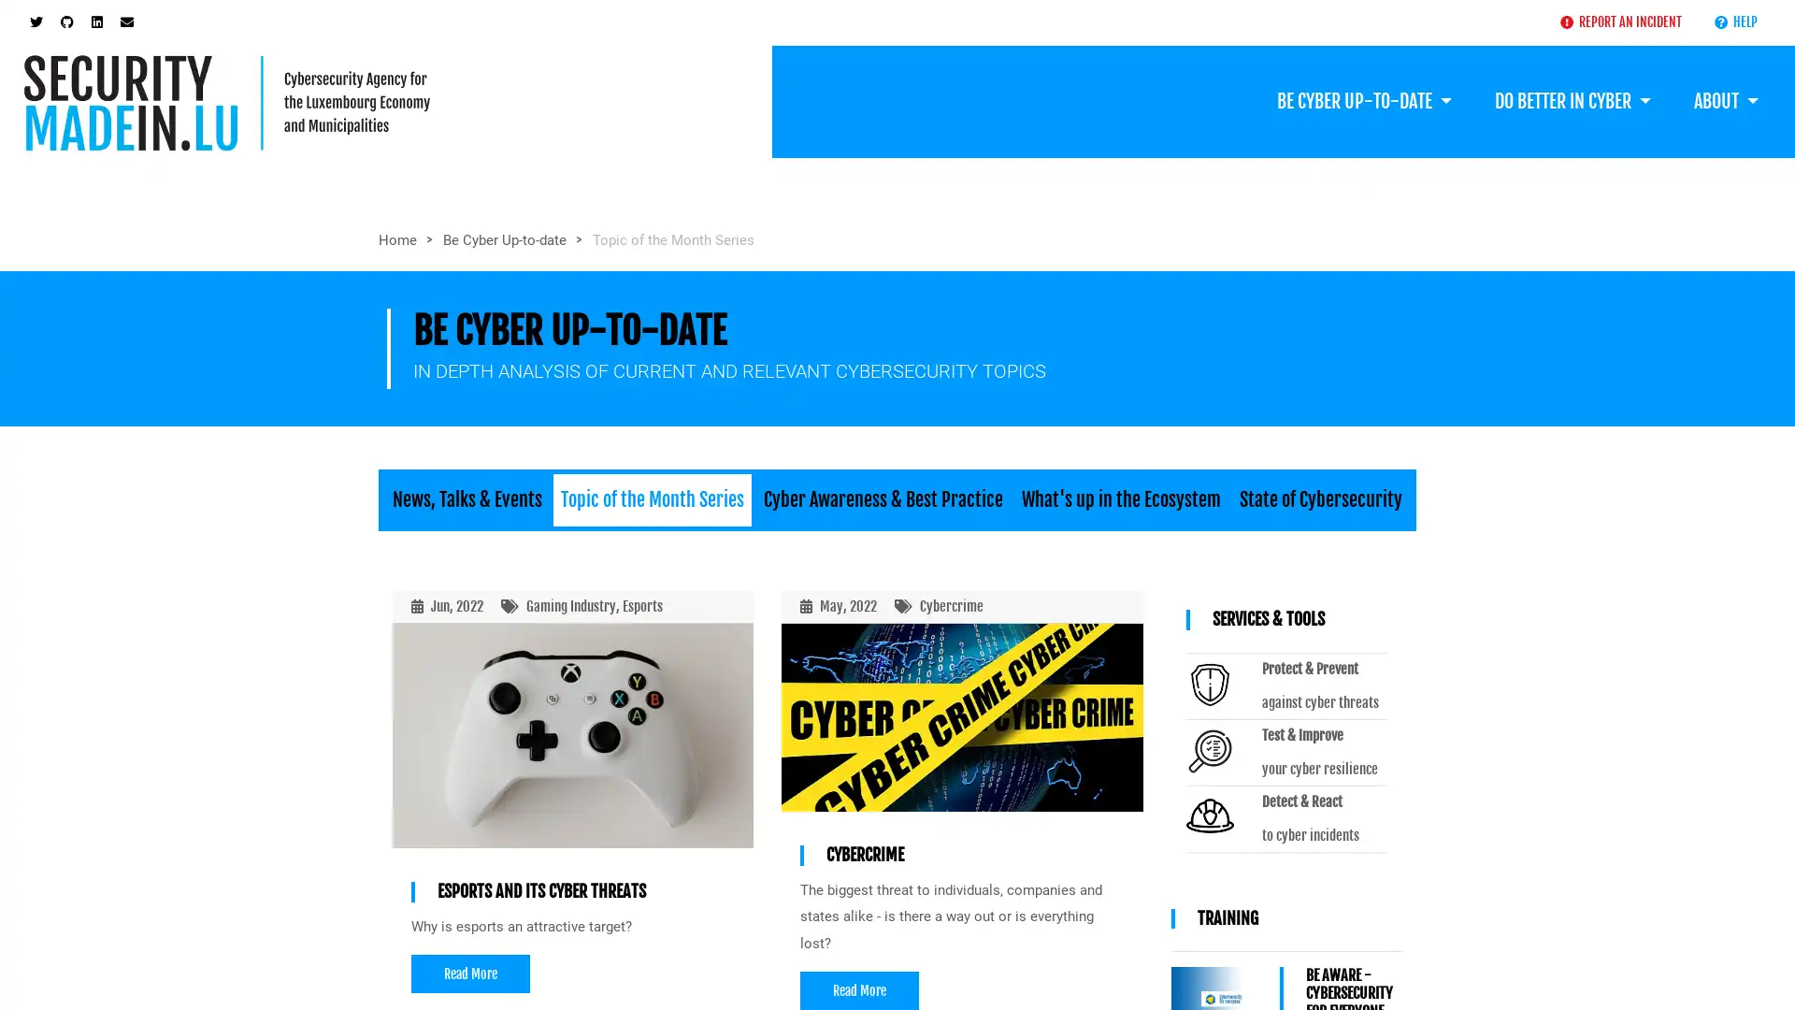 The height and width of the screenshot is (1010, 1795). I want to click on ABOUT, so click(1725, 101).